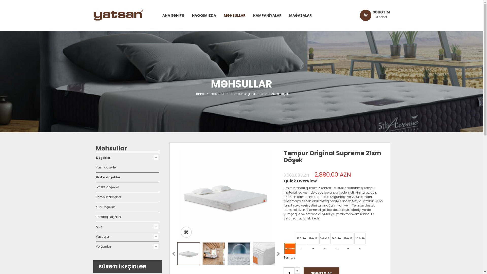 The image size is (487, 274). What do you see at coordinates (278, 254) in the screenshot?
I see `'Next'` at bounding box center [278, 254].